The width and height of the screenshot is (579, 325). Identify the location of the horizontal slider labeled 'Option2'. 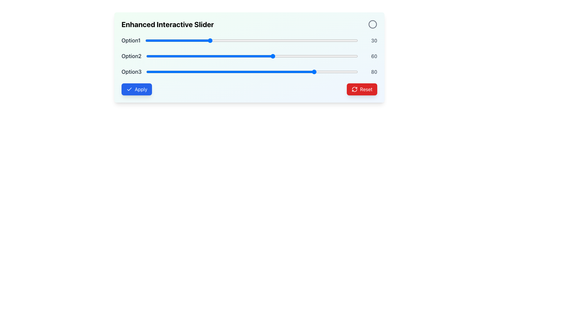
(249, 56).